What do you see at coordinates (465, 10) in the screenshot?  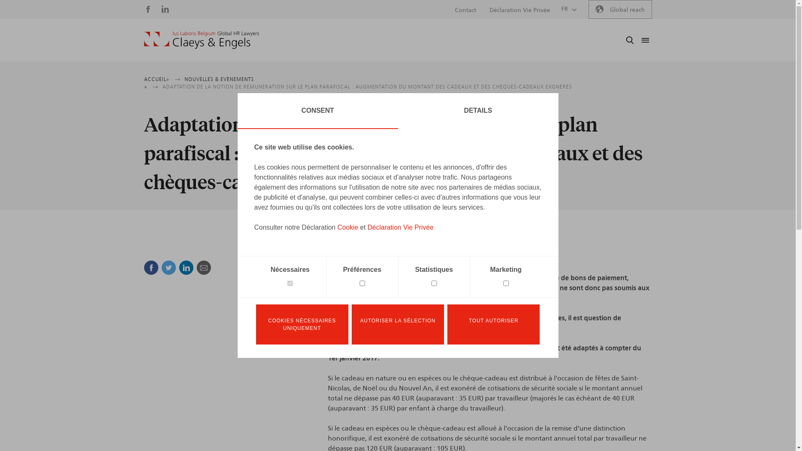 I see `'Contact'` at bounding box center [465, 10].